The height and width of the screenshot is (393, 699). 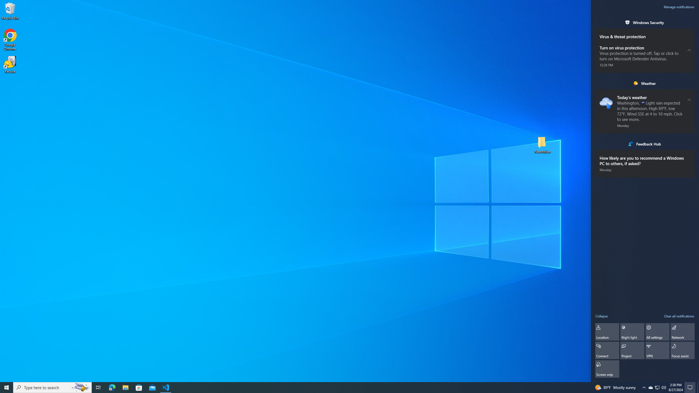 I want to click on 'Search highlights icon opens search home window', so click(x=80, y=387).